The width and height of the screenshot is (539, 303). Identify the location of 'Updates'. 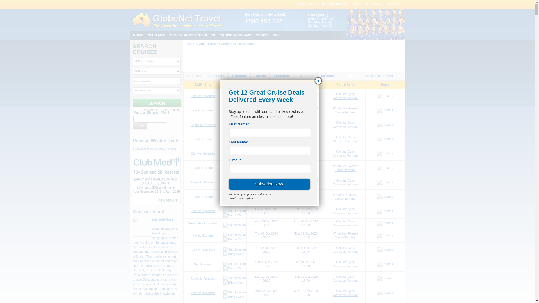
(377, 278).